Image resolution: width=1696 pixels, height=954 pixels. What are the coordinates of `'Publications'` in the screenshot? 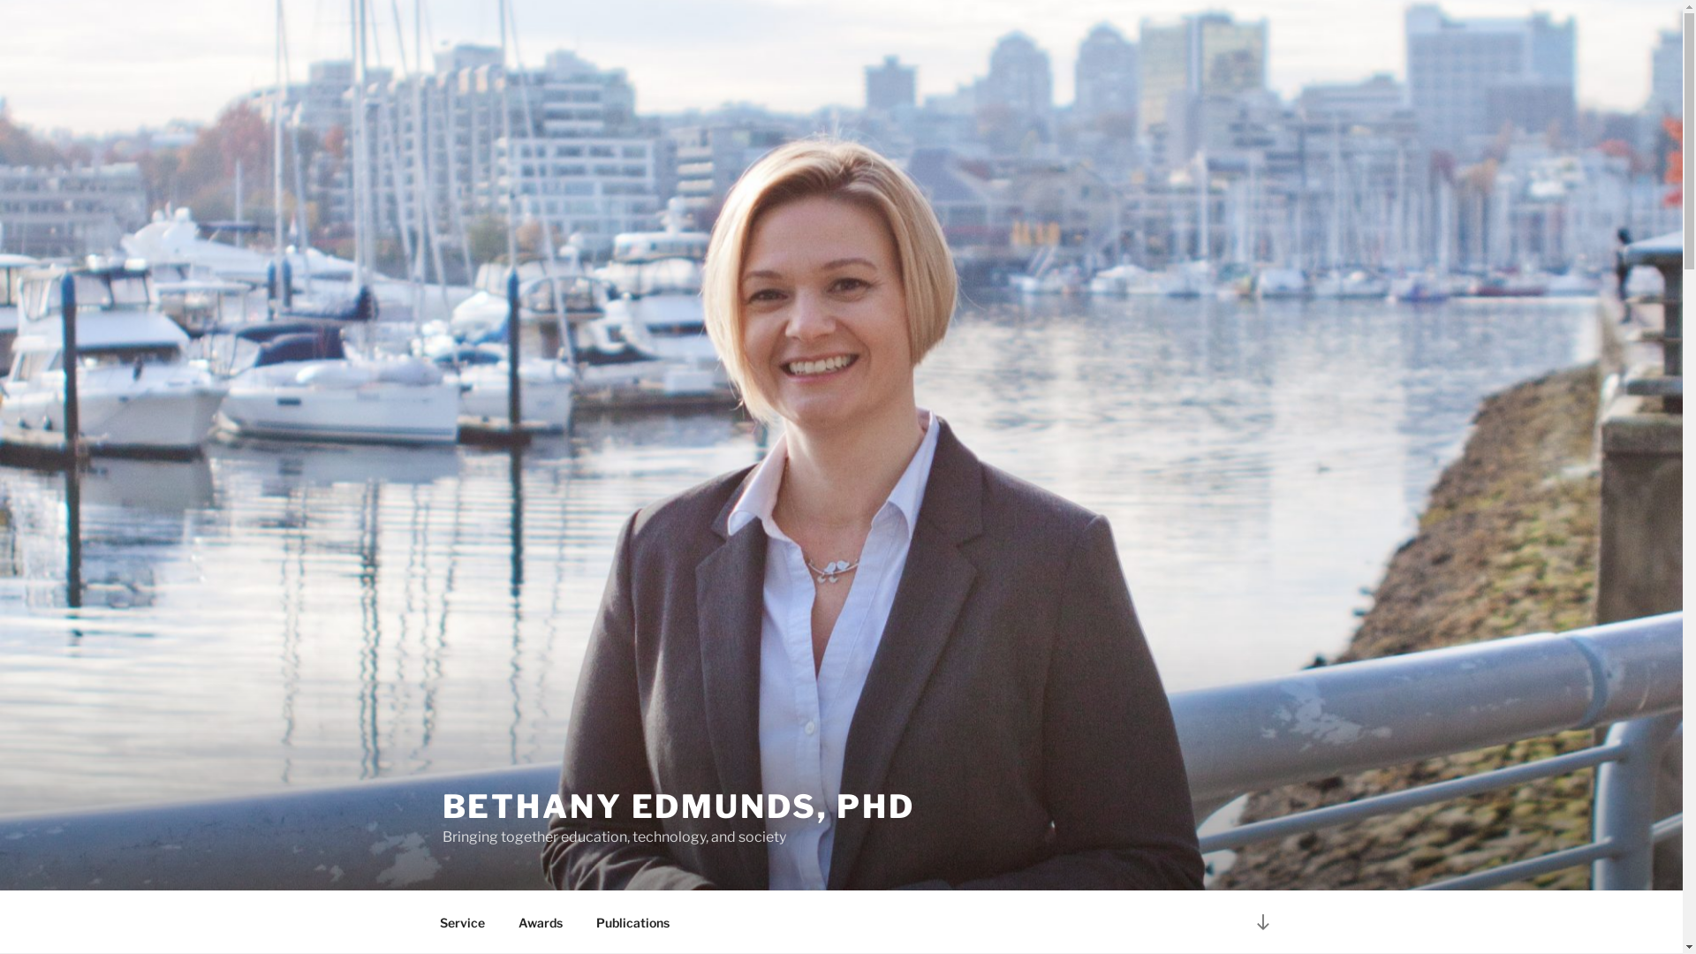 It's located at (632, 921).